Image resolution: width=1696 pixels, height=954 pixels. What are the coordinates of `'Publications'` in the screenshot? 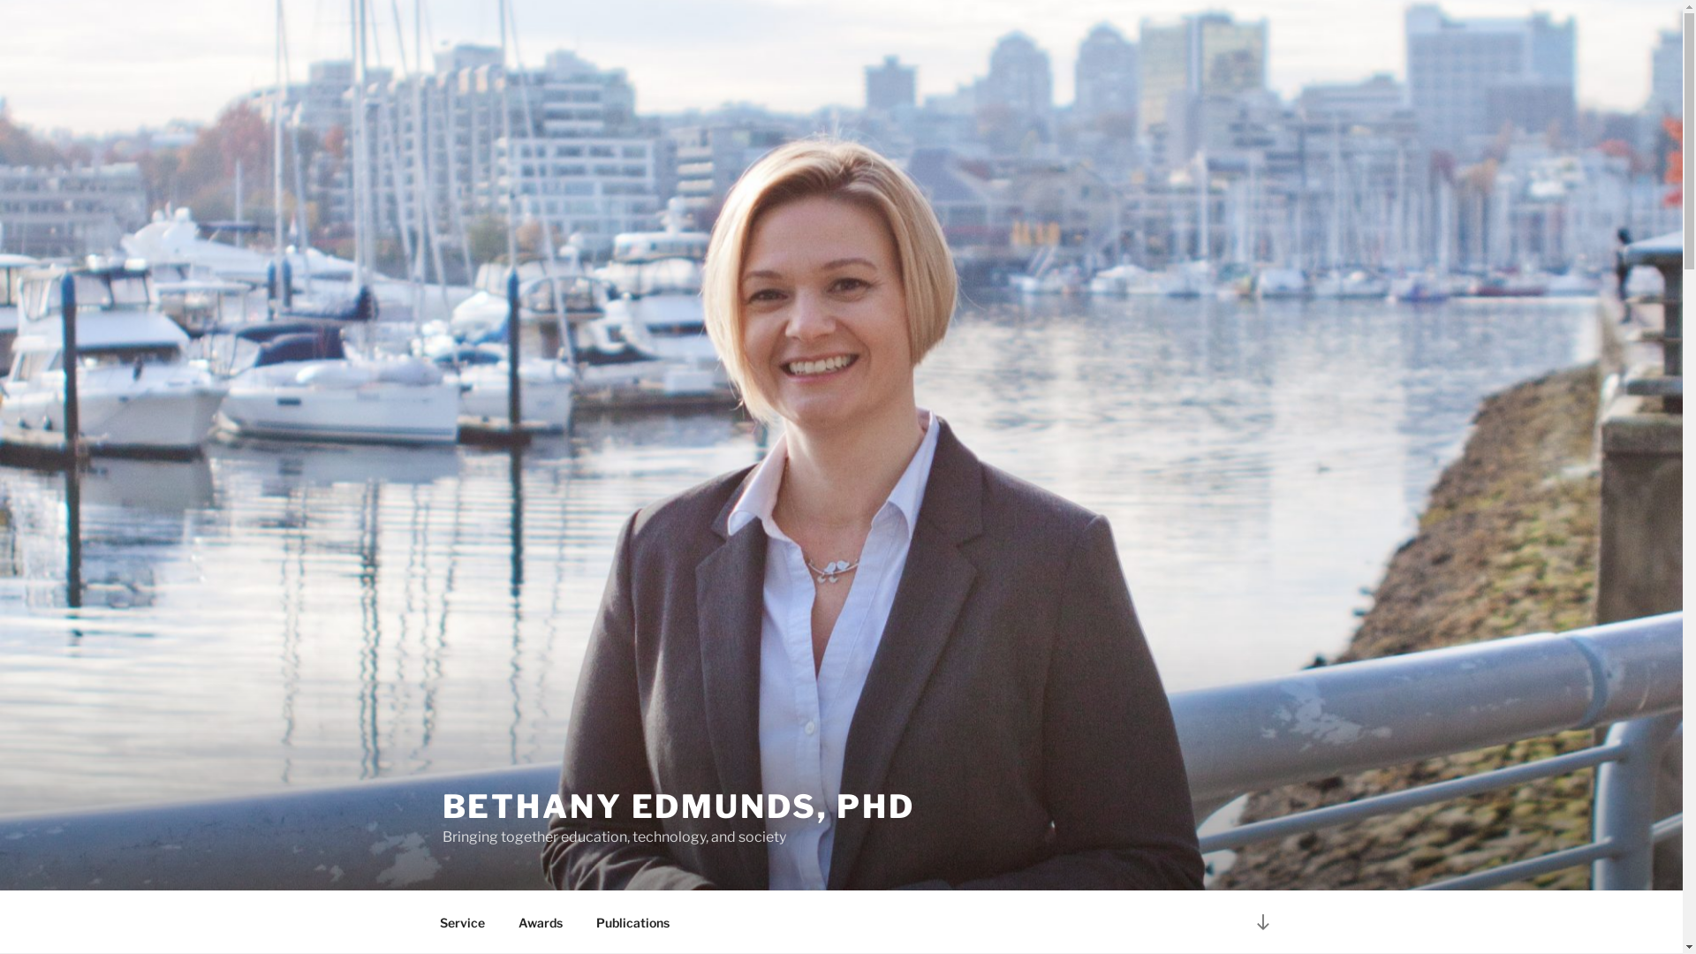 It's located at (632, 921).